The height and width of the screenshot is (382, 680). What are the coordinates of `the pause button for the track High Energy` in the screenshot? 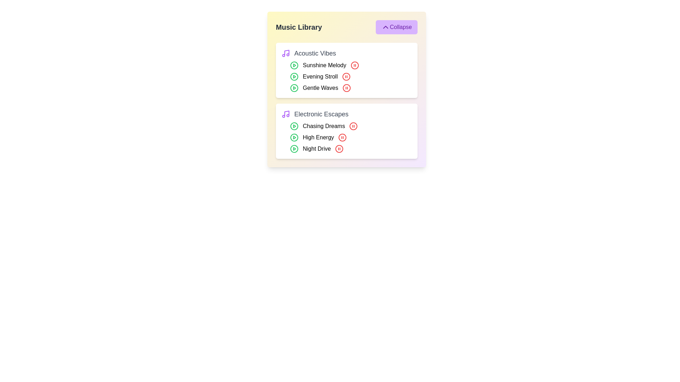 It's located at (342, 138).